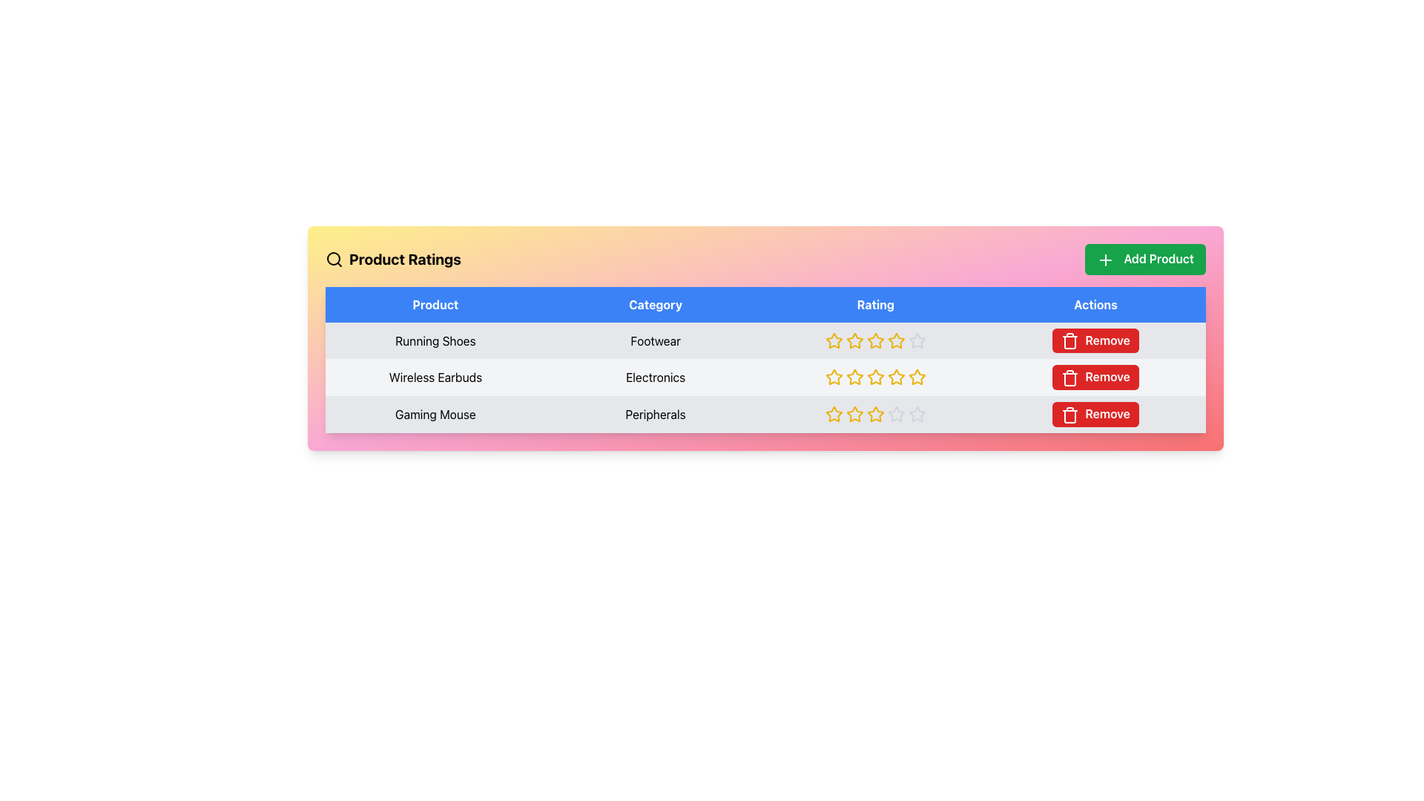 The image size is (1424, 801). I want to click on the Rating Indicator for 'Running Shoes', which is represented by filled stars in the third column of the first row under the 'Rating' header, so click(875, 340).